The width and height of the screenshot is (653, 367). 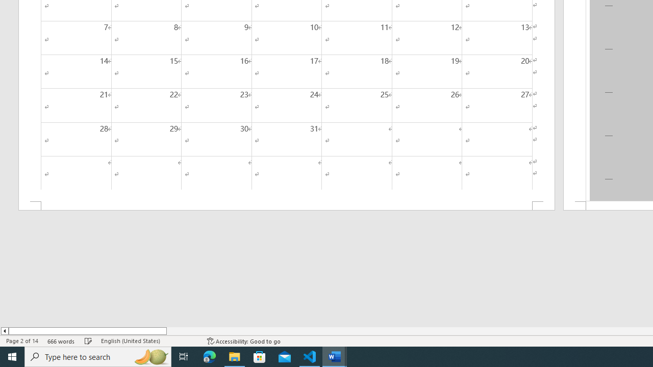 I want to click on 'Column left', so click(x=4, y=331).